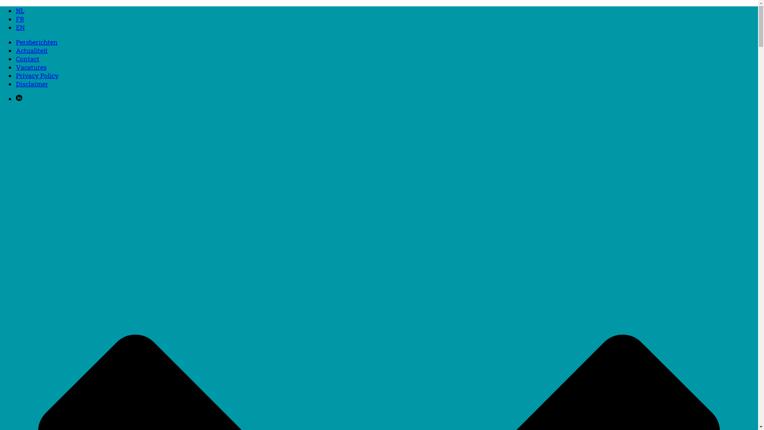 This screenshot has height=430, width=764. What do you see at coordinates (36, 42) in the screenshot?
I see `'Persberichten'` at bounding box center [36, 42].